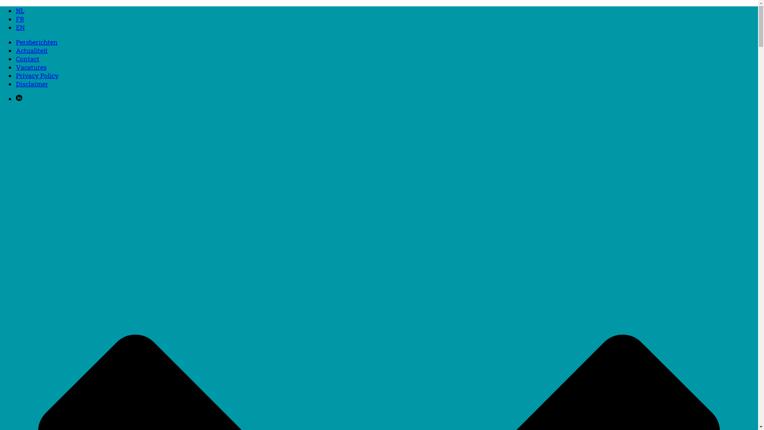 This screenshot has height=430, width=764. What do you see at coordinates (36, 42) in the screenshot?
I see `'Persberichten'` at bounding box center [36, 42].